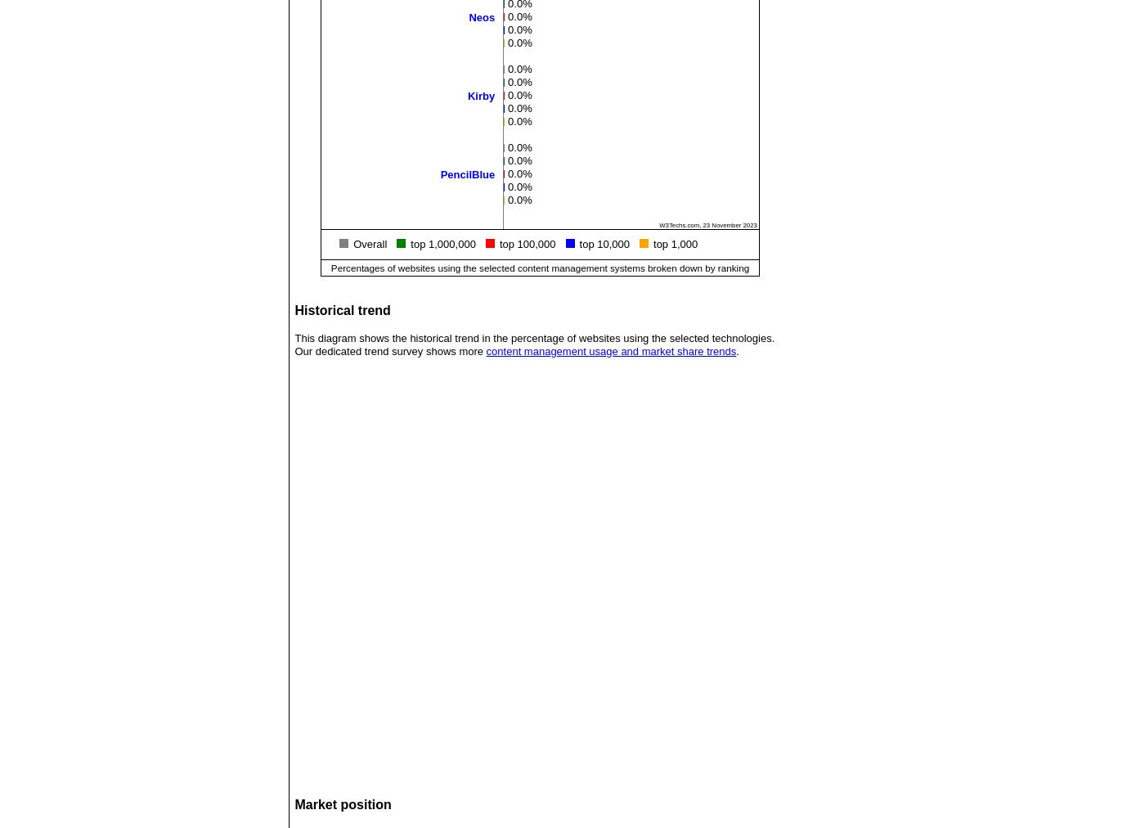 This screenshot has width=1145, height=828. What do you see at coordinates (534, 338) in the screenshot?
I see `'This diagram shows the historical trend in the percentage of websites using the selected technologies.'` at bounding box center [534, 338].